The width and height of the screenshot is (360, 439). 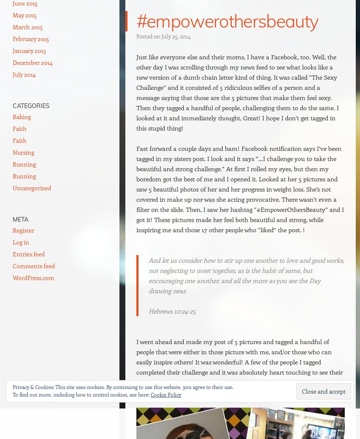 I want to click on 'July 2014', so click(x=24, y=74).